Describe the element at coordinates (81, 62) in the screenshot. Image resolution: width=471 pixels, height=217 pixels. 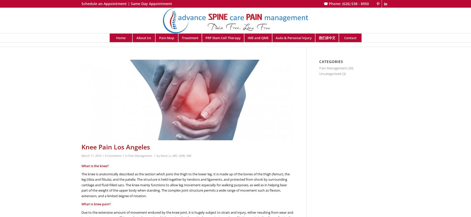
I see `'https://kevinlimd.com/wp-content/uploads/2016/03/Knee-Pain-Los-Angeles.jpg'` at that location.